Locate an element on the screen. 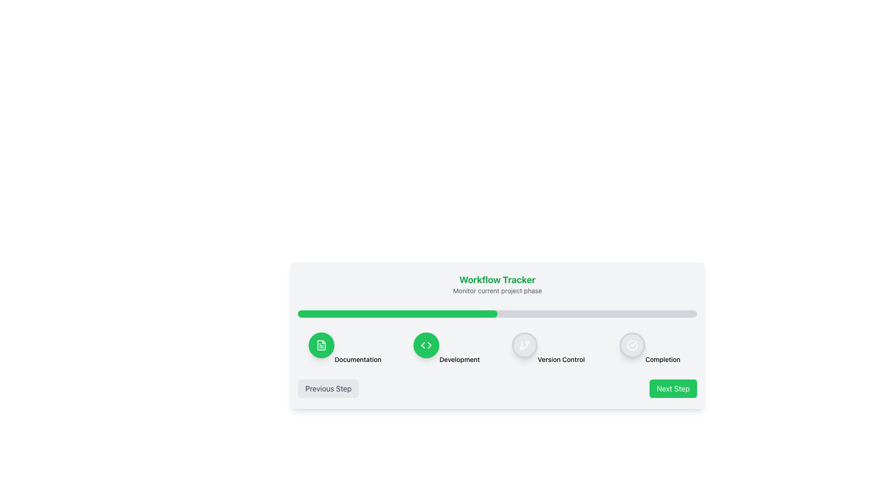 This screenshot has width=887, height=498. the 'Documentation' phase marker in the progress indicator section of the project workflow tracker is located at coordinates (345, 349).